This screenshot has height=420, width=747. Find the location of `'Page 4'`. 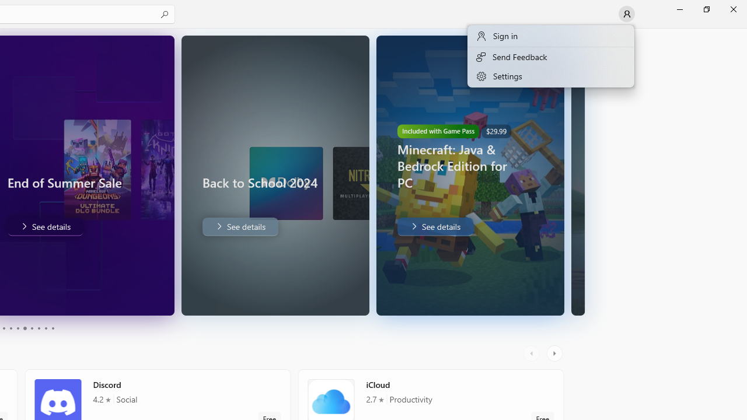

'Page 4' is located at coordinates (10, 328).